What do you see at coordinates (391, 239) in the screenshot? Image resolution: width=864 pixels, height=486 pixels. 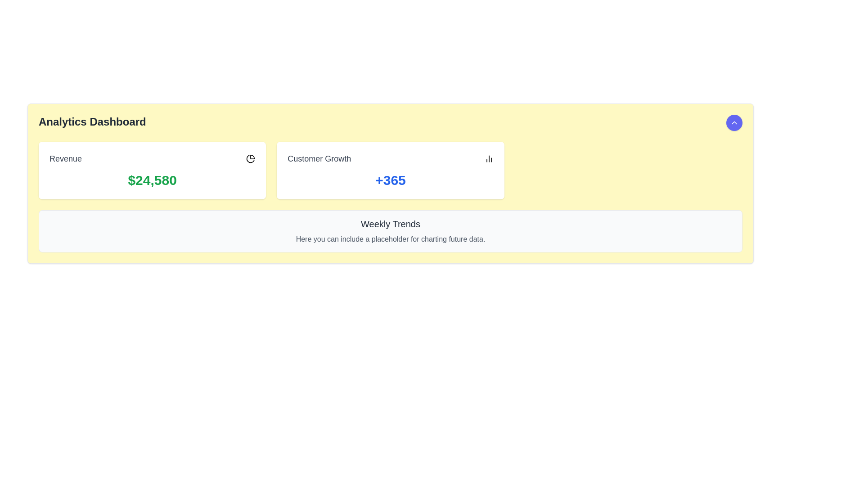 I see `the text block containing the phrase 'Here you can include a placeholder for charting future data.' located under the 'Weekly Trends' heading` at bounding box center [391, 239].